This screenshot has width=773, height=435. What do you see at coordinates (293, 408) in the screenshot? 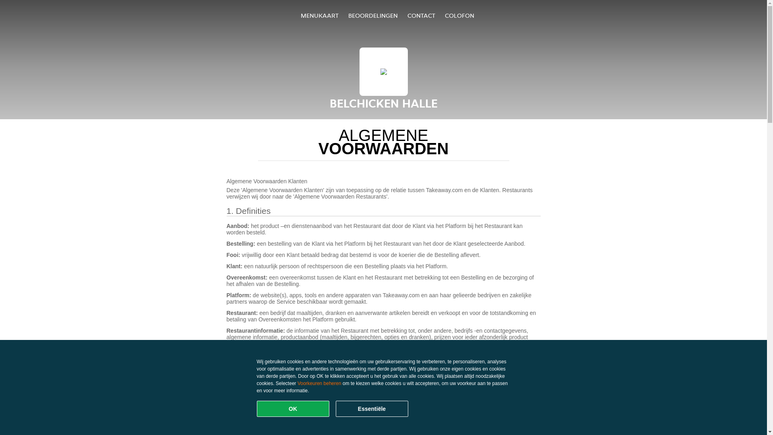
I see `'OK'` at bounding box center [293, 408].